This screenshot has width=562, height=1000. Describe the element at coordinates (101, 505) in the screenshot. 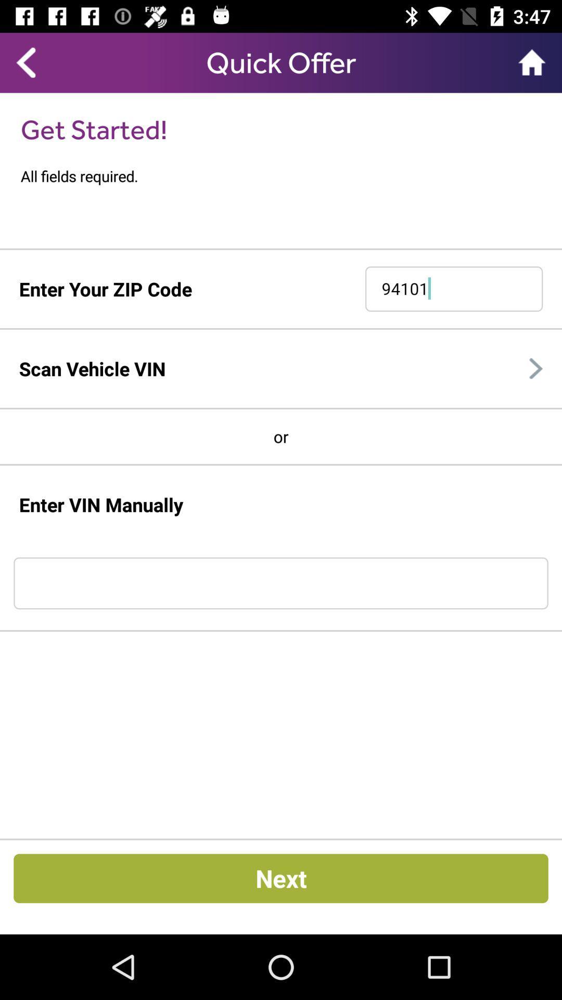

I see `the enter vin manually` at that location.